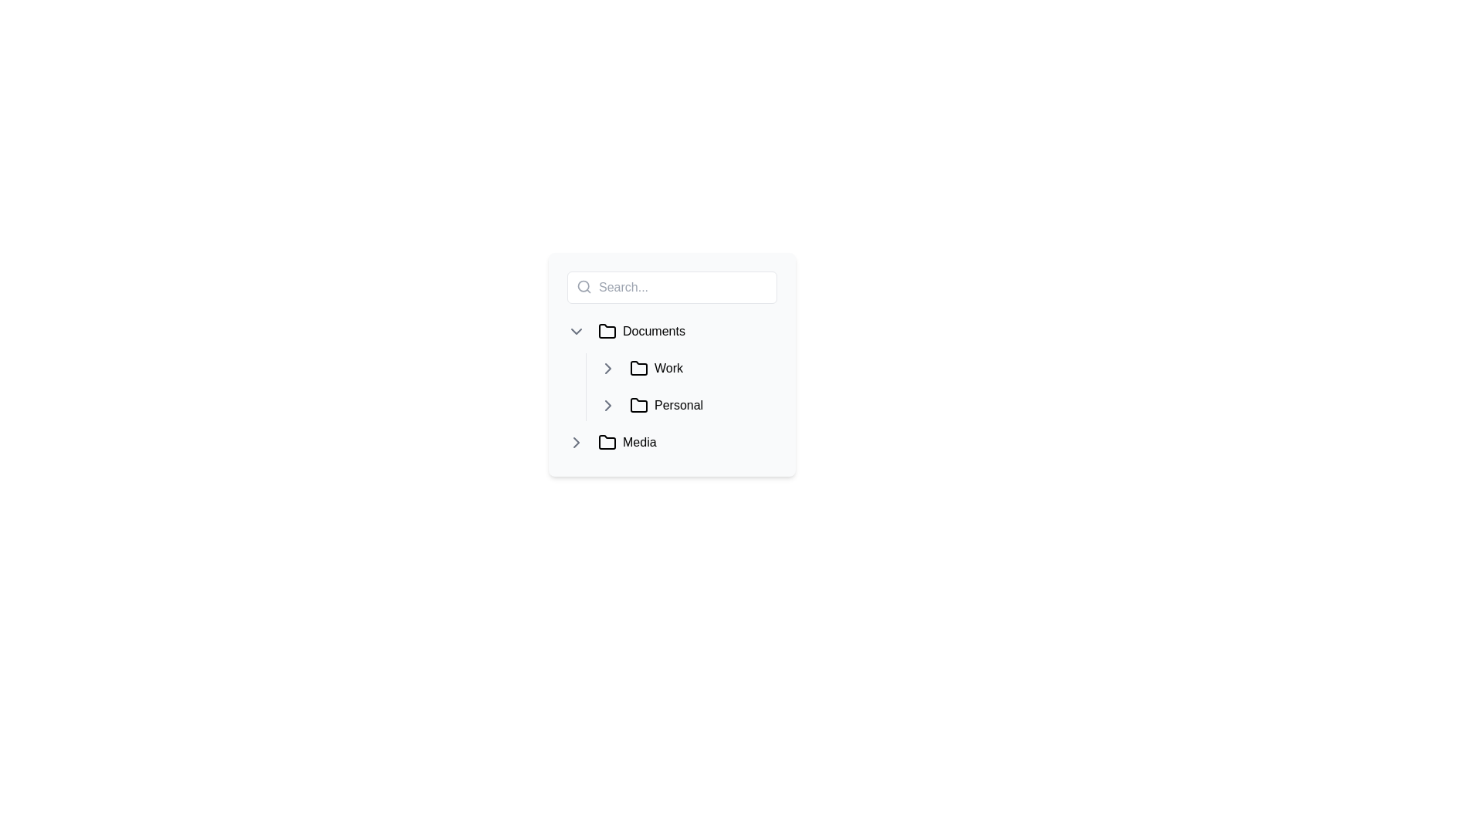 This screenshot has height=833, width=1482. What do you see at coordinates (607, 404) in the screenshot?
I see `the right-pointing arrow icon button located in the left sidebar menu next to the 'Personal' folder label` at bounding box center [607, 404].